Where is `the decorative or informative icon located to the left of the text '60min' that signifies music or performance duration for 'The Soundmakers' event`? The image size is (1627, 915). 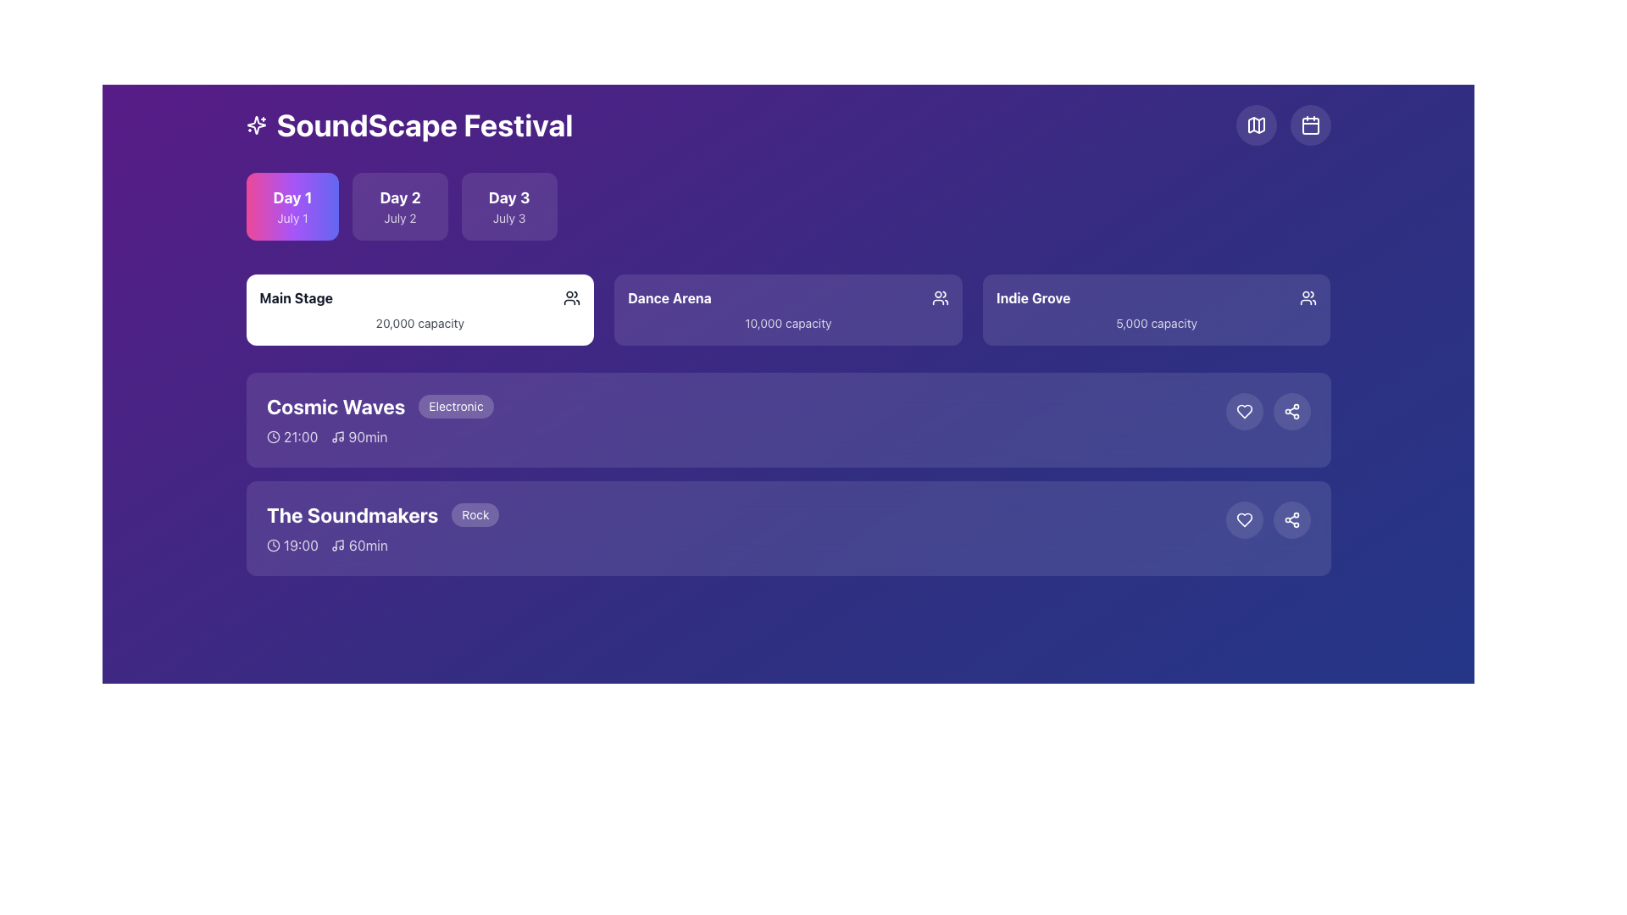 the decorative or informative icon located to the left of the text '60min' that signifies music or performance duration for 'The Soundmakers' event is located at coordinates (338, 546).